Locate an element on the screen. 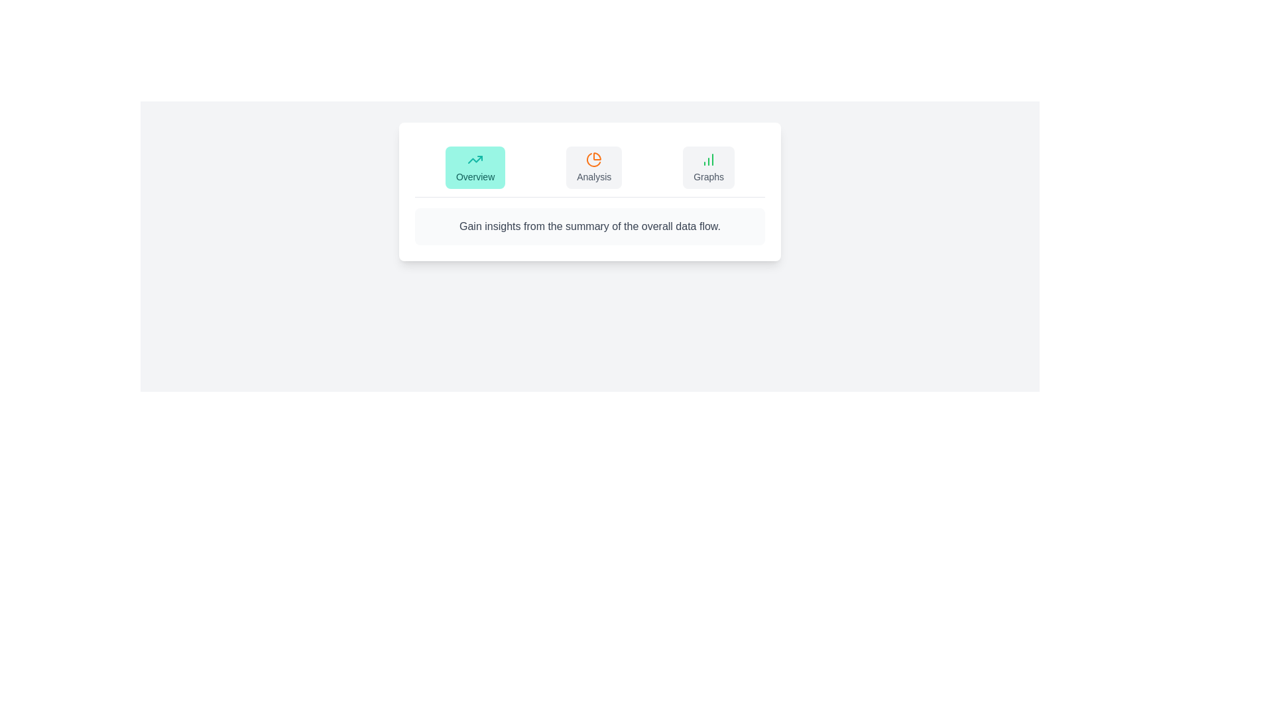 The width and height of the screenshot is (1273, 716). the Analysis tab to view its content is located at coordinates (593, 167).